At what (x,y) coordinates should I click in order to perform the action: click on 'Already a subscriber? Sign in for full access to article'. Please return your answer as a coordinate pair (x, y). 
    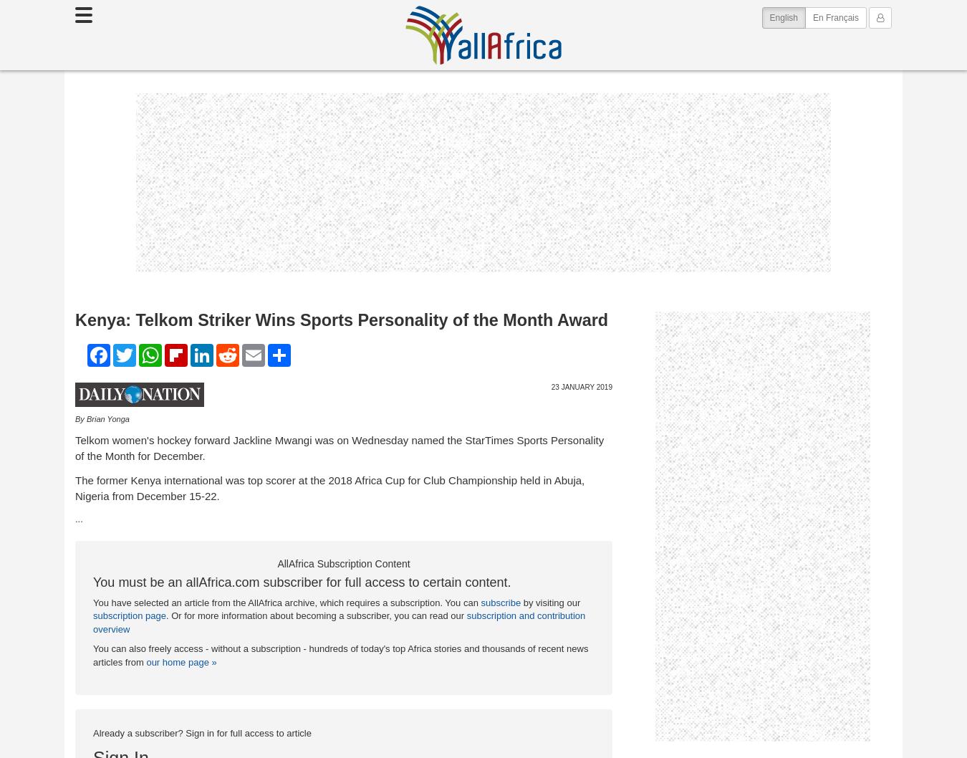
    Looking at the image, I should click on (201, 731).